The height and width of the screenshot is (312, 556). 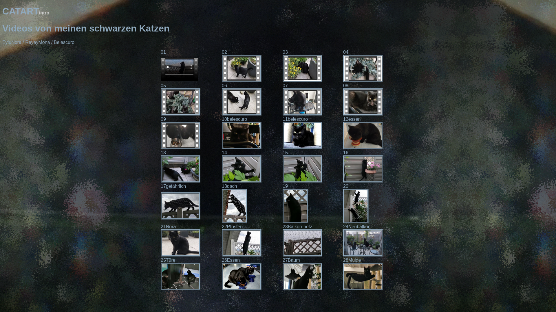 I want to click on 'intro', so click(x=44, y=13).